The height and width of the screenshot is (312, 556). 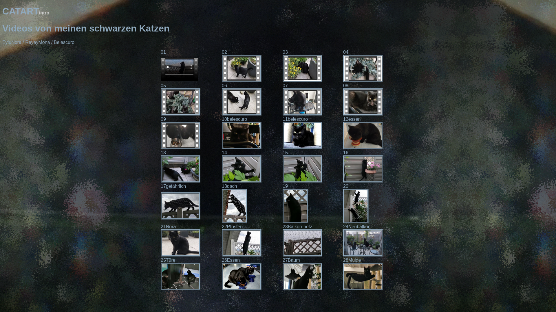 I want to click on 'intro', so click(x=44, y=13).